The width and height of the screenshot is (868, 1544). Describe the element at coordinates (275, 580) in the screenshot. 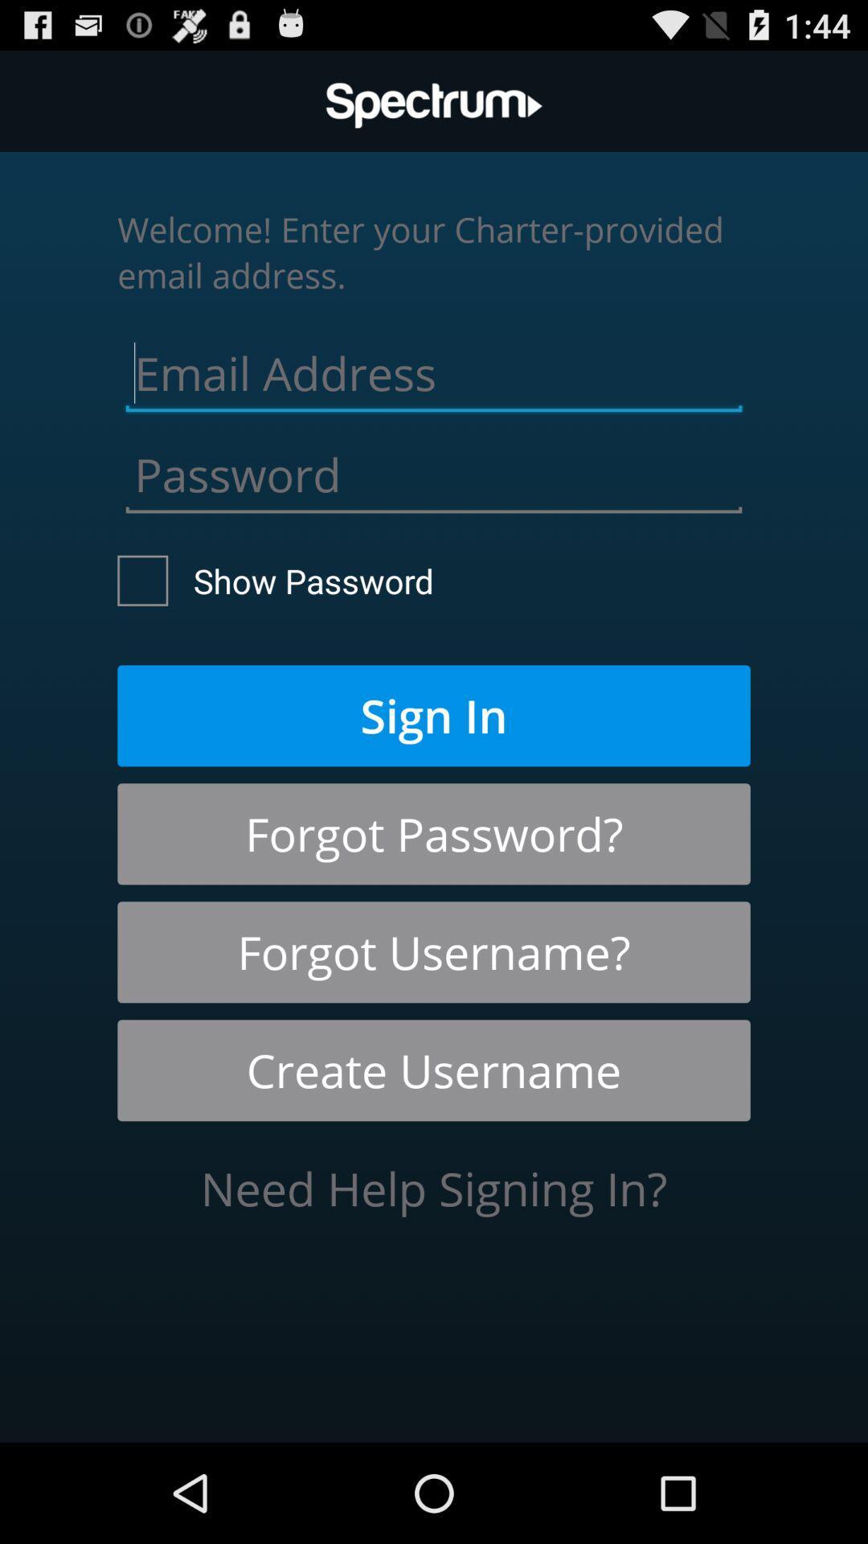

I see `the show password icon` at that location.